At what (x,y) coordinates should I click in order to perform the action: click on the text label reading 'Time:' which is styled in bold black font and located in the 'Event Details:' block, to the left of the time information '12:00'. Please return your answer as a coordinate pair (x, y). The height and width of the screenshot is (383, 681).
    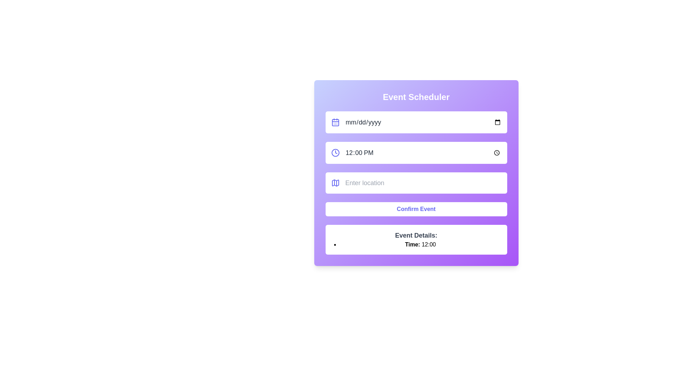
    Looking at the image, I should click on (413, 244).